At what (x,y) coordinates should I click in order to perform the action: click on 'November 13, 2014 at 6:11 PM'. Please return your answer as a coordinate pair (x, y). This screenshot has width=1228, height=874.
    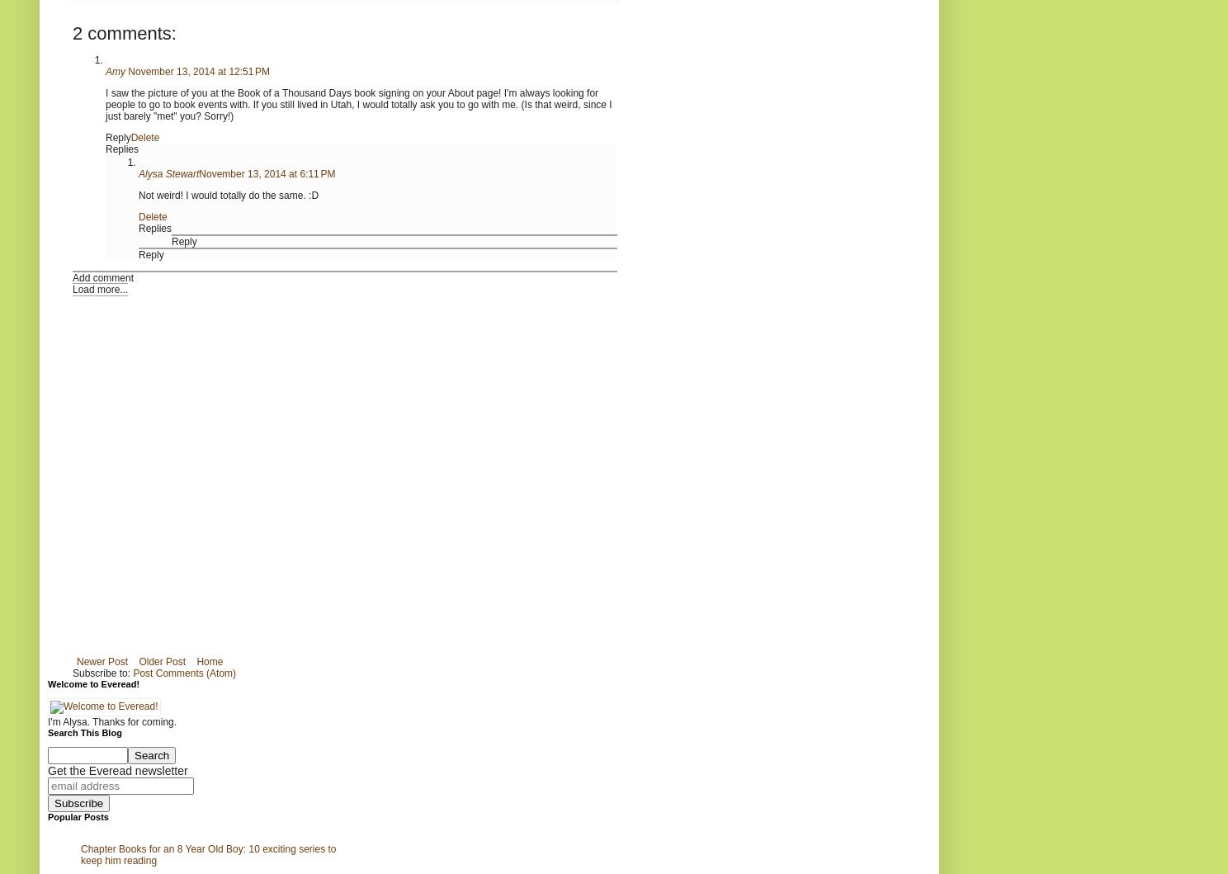
    Looking at the image, I should click on (199, 172).